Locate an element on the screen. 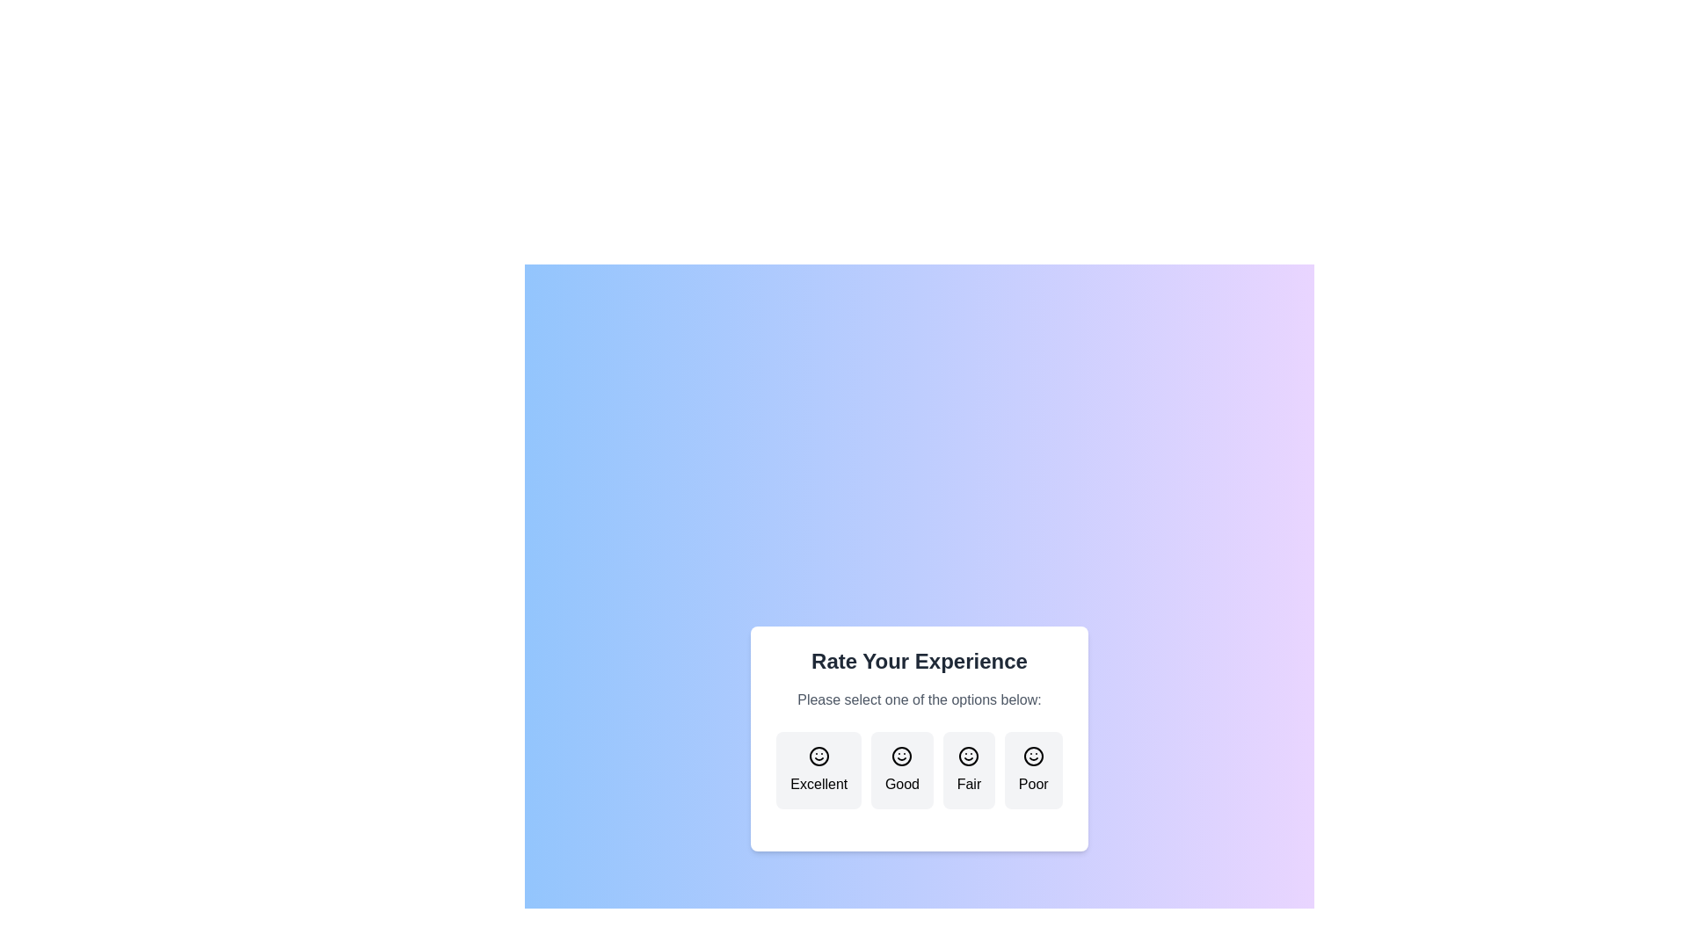 The width and height of the screenshot is (1688, 949). the 'Poor' text label that indicates the lowest rating level, positioned centrally below the rightmost smiley face in the rating options is located at coordinates (1033, 784).